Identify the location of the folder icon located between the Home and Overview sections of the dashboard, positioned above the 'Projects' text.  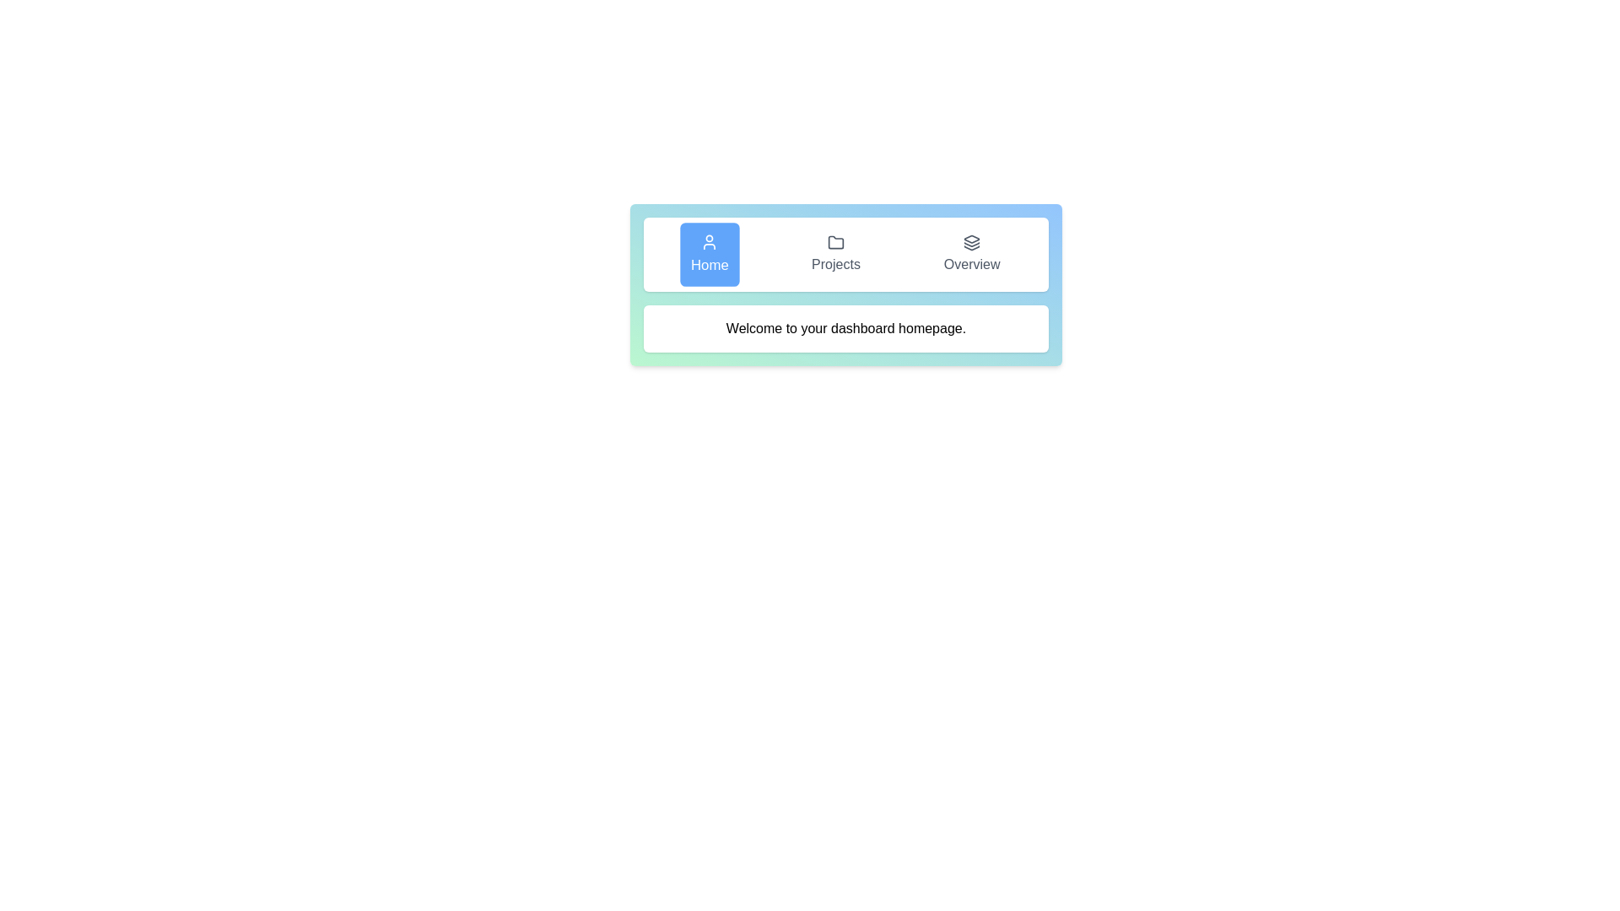
(835, 242).